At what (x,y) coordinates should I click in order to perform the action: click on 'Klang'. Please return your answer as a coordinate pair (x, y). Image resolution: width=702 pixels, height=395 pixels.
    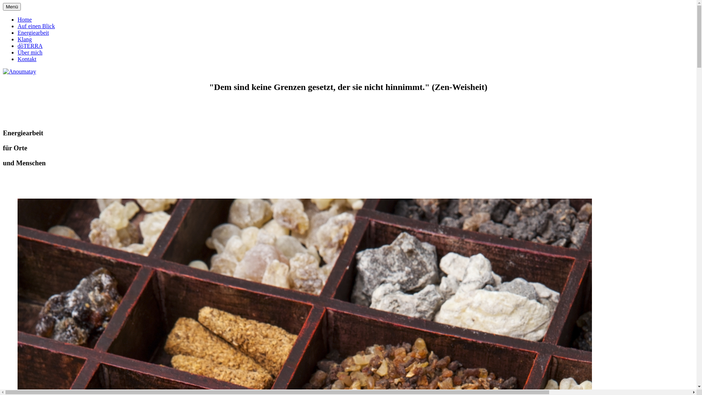
    Looking at the image, I should click on (24, 39).